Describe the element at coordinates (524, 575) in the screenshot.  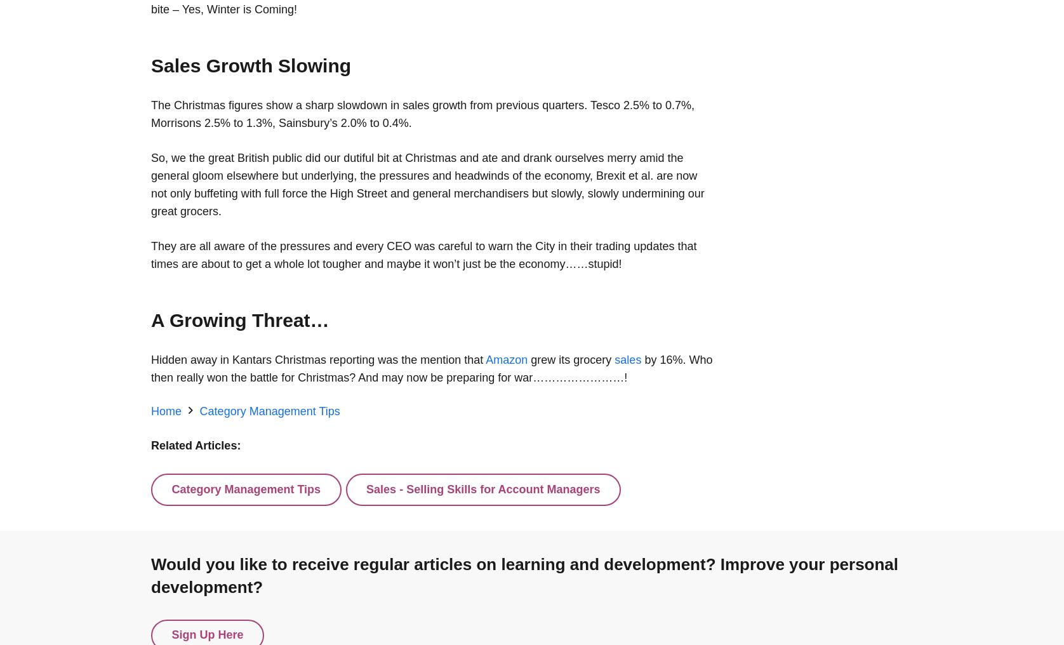
I see `'Would you like to receive regular articles on learning and development? Improve your personal development?'` at that location.